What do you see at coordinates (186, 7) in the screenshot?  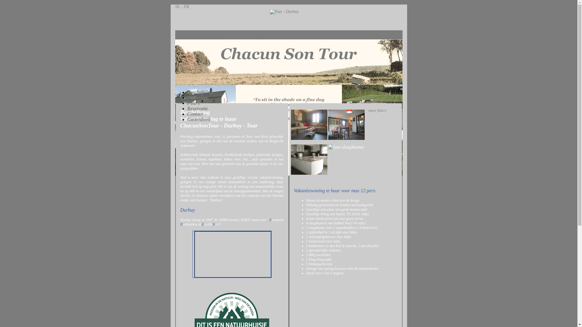 I see `'FR'` at bounding box center [186, 7].